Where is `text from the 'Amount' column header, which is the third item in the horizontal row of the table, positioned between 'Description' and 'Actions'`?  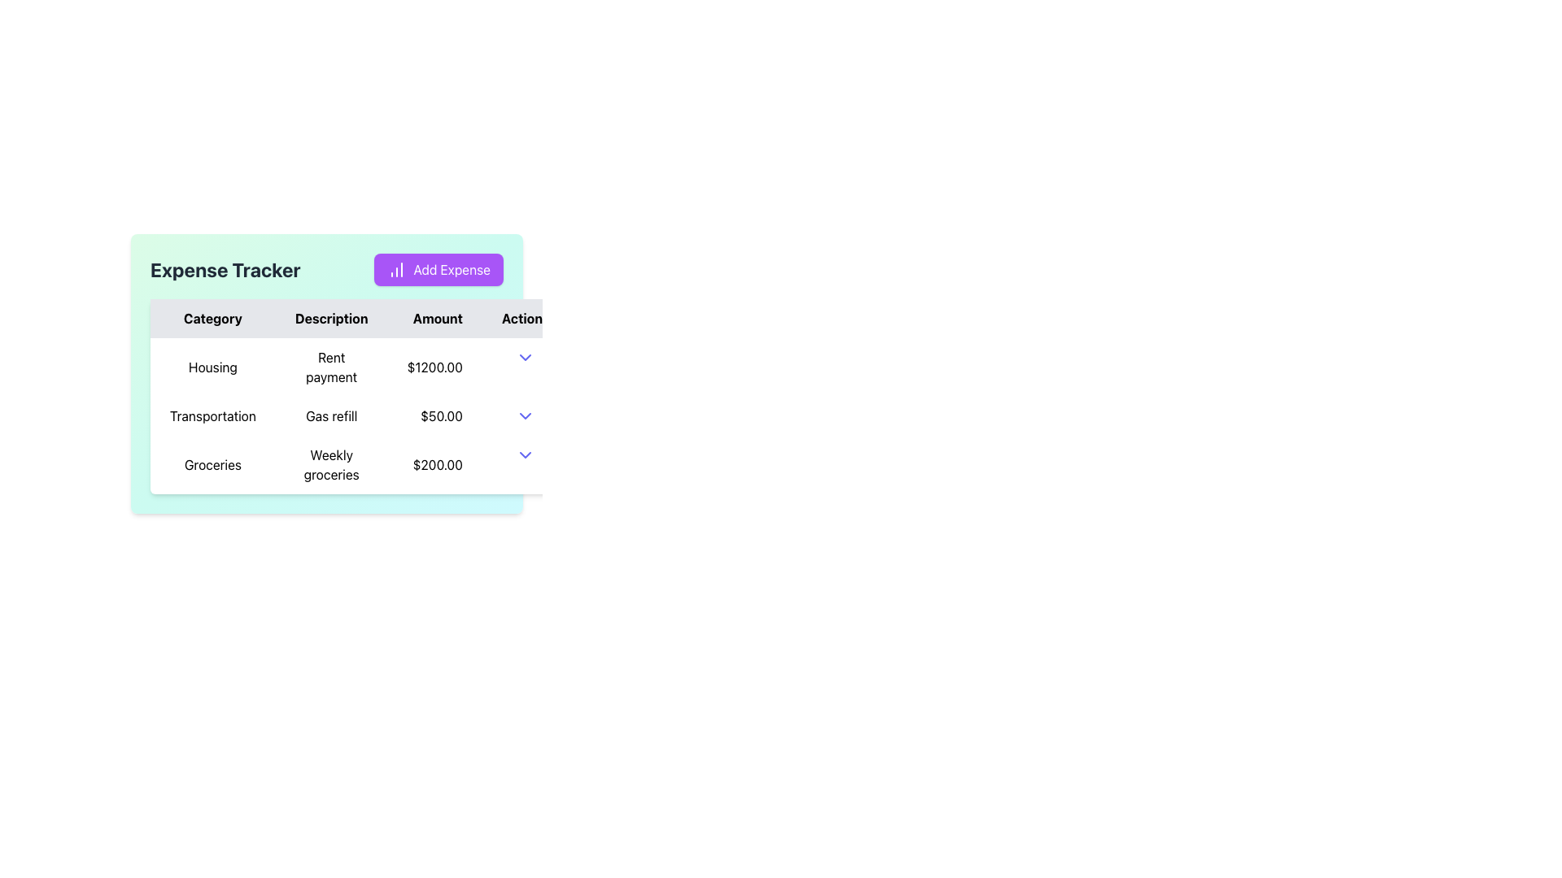
text from the 'Amount' column header, which is the third item in the horizontal row of the table, positioned between 'Description' and 'Actions' is located at coordinates (434, 319).